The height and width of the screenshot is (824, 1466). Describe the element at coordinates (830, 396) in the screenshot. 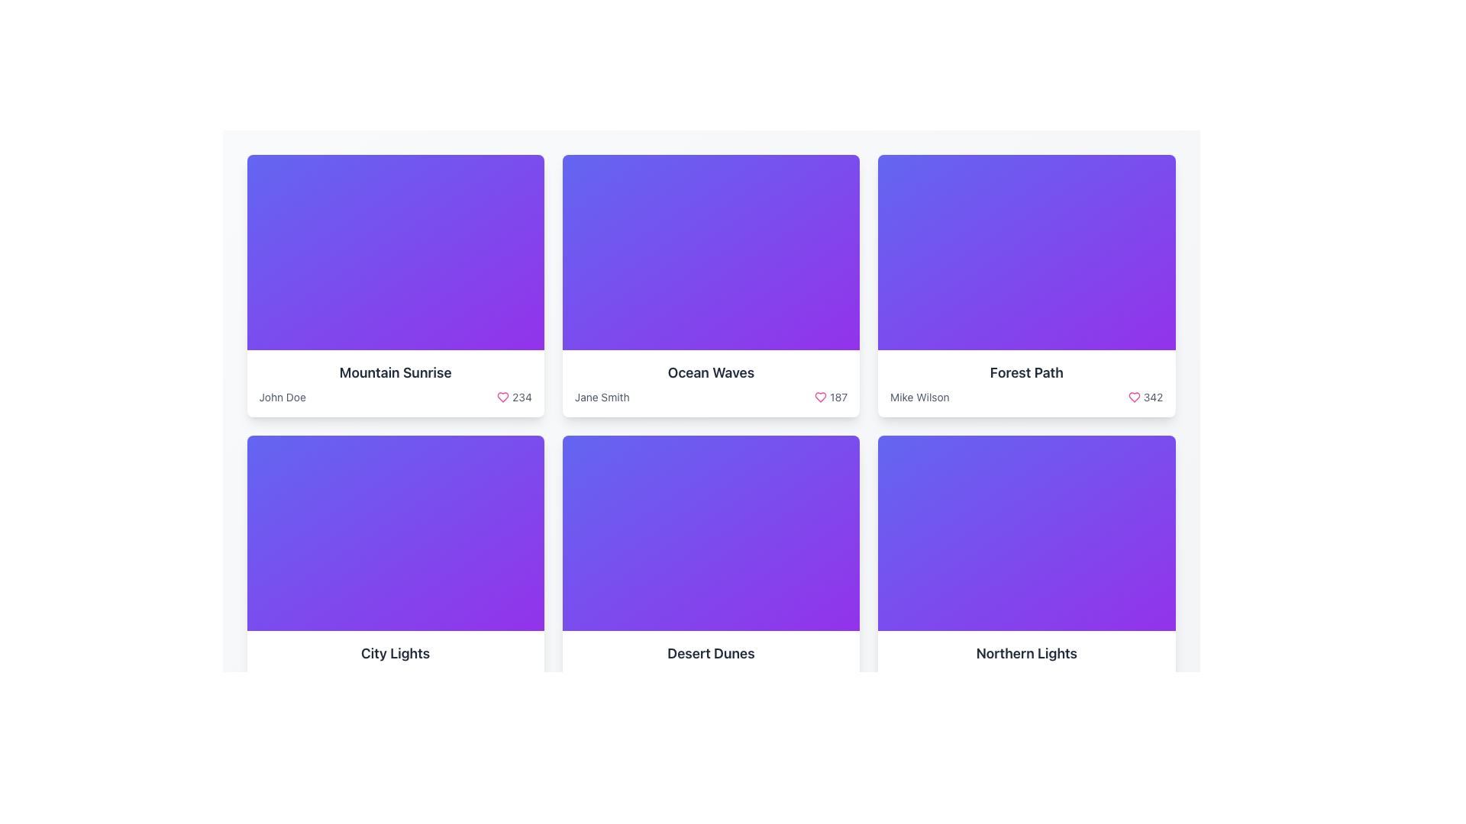

I see `number of likes displayed in the text label for the 'Ocean Waves' item, located on the right side of the card in the UI grid` at that location.